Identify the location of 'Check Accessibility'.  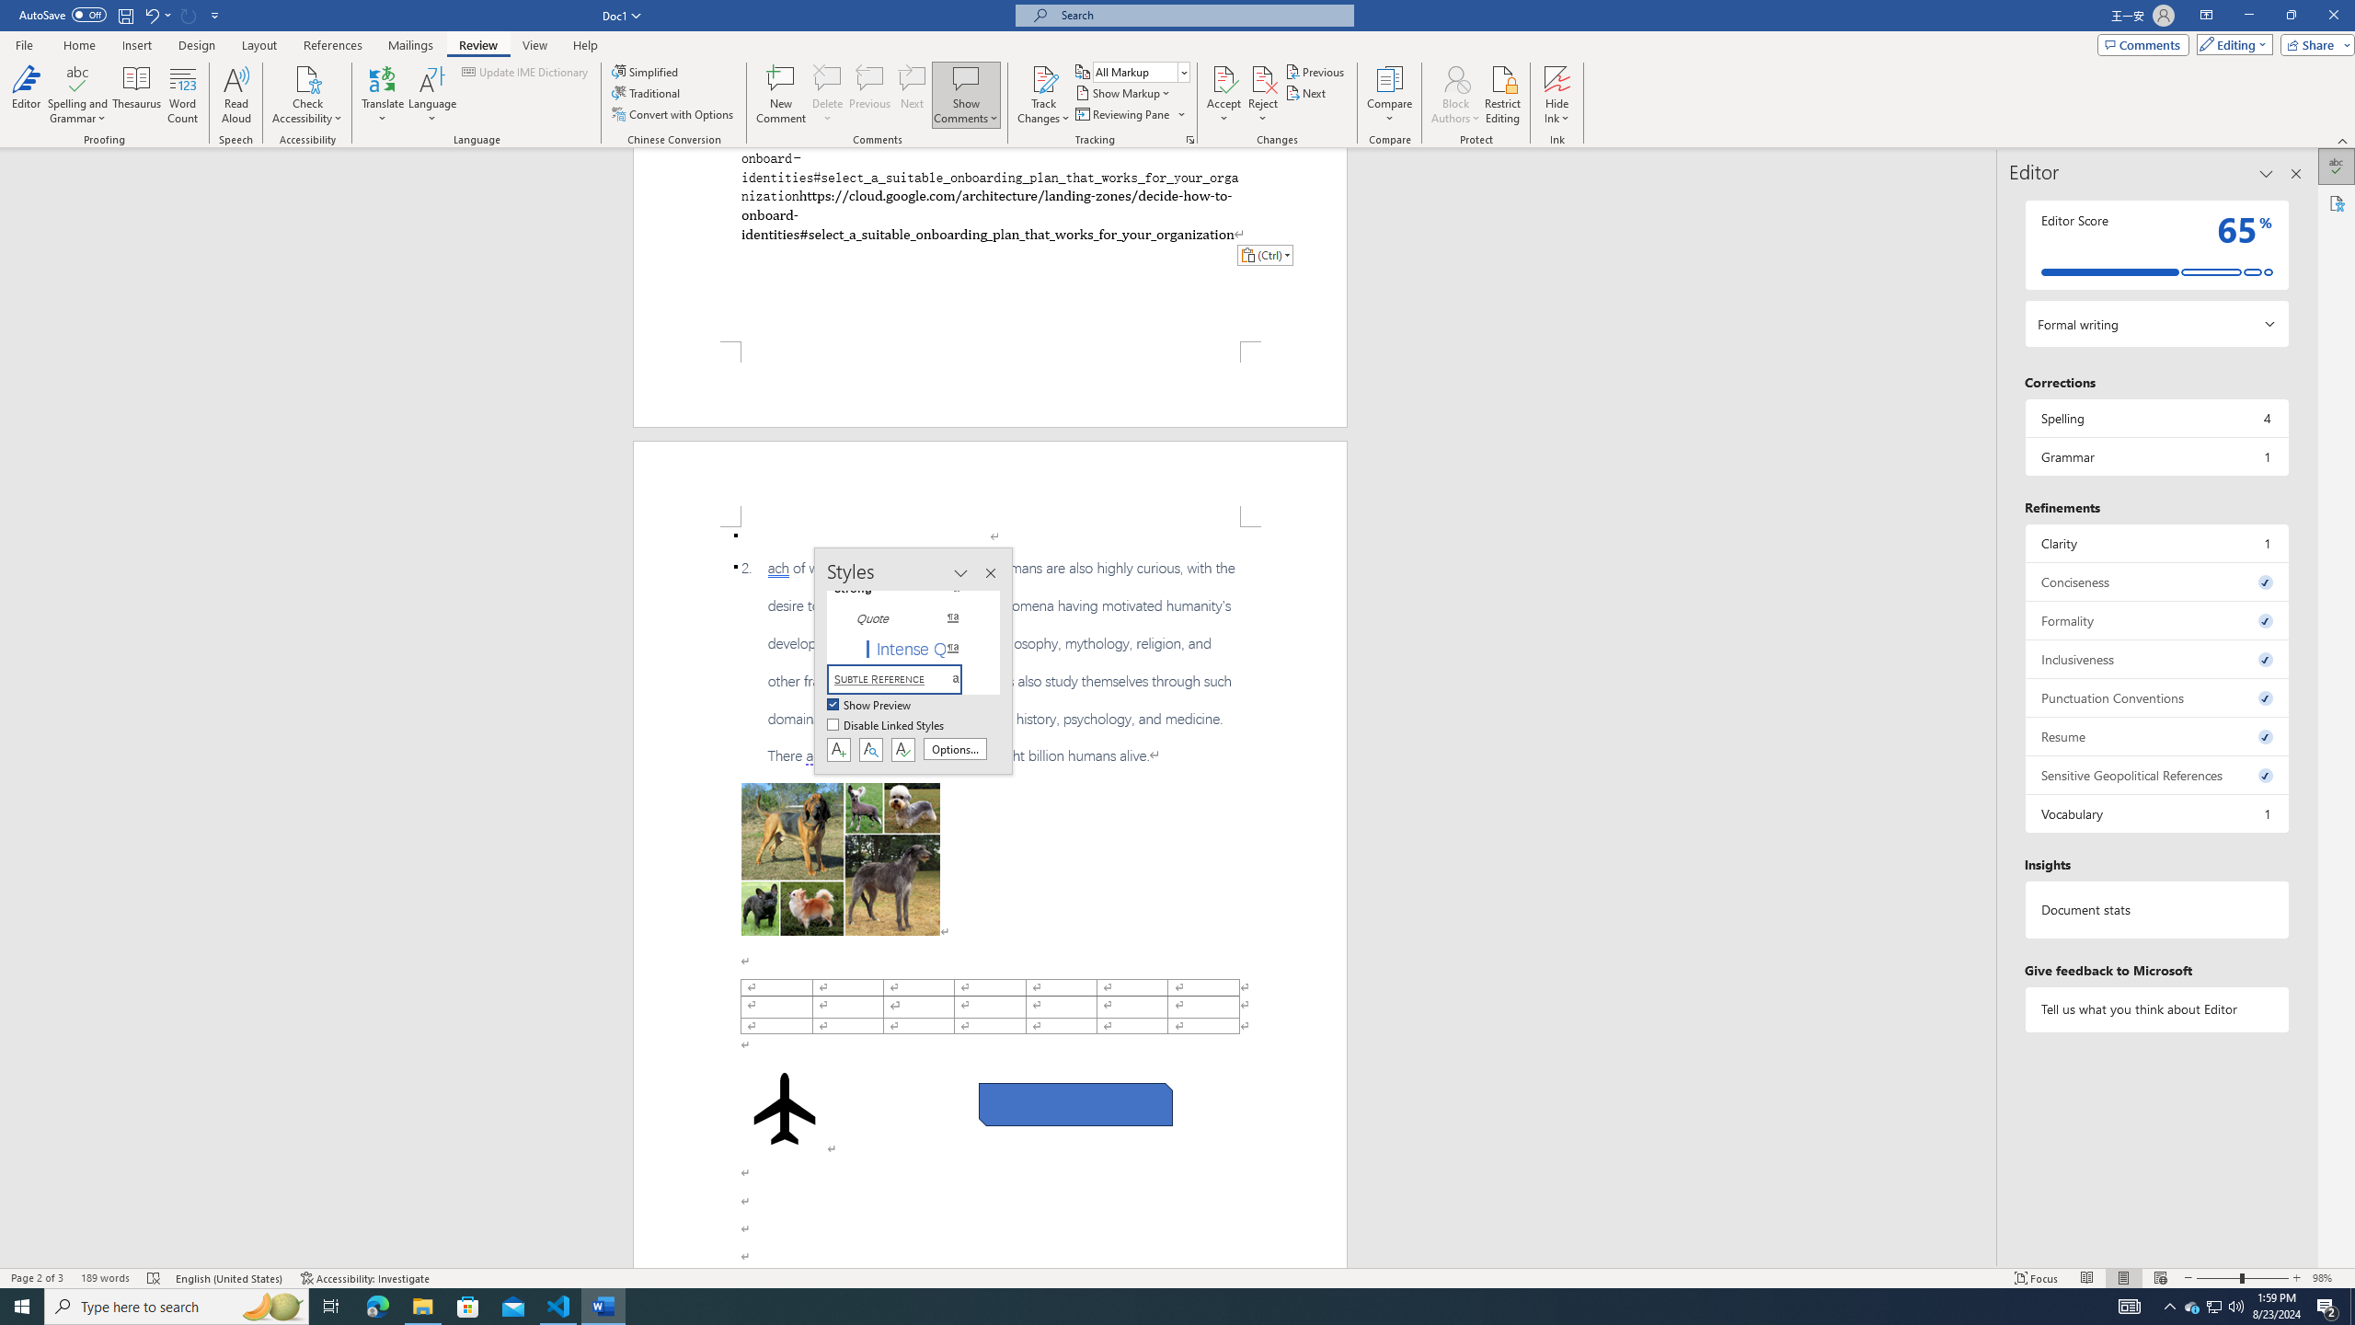
(307, 77).